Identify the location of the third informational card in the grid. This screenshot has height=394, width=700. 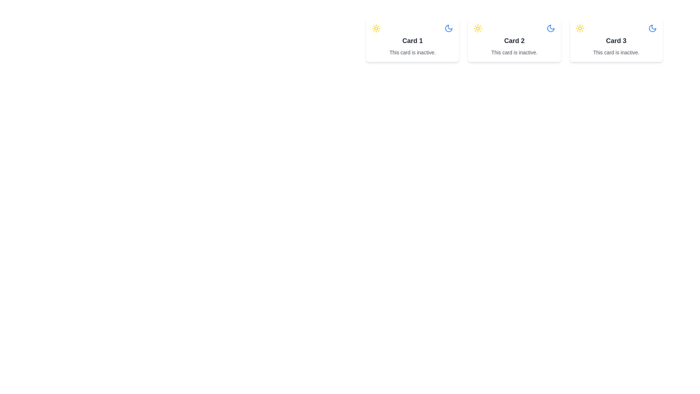
(615, 40).